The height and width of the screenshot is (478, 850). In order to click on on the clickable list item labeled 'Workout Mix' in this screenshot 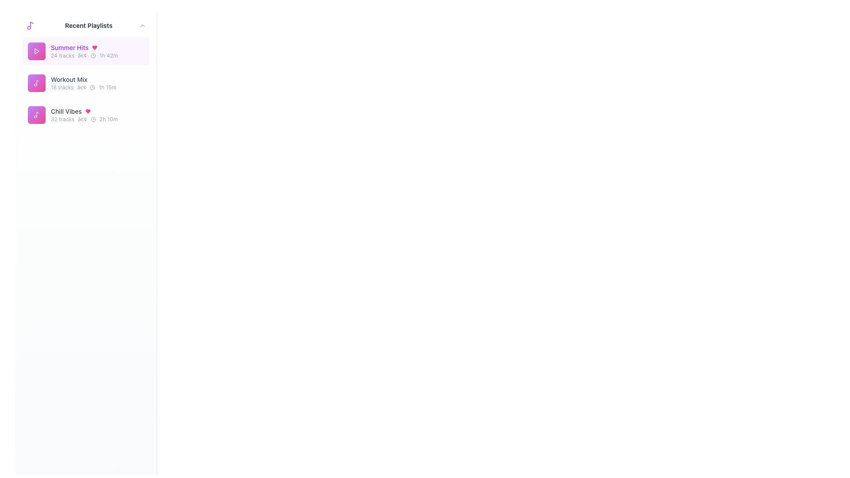, I will do `click(86, 83)`.